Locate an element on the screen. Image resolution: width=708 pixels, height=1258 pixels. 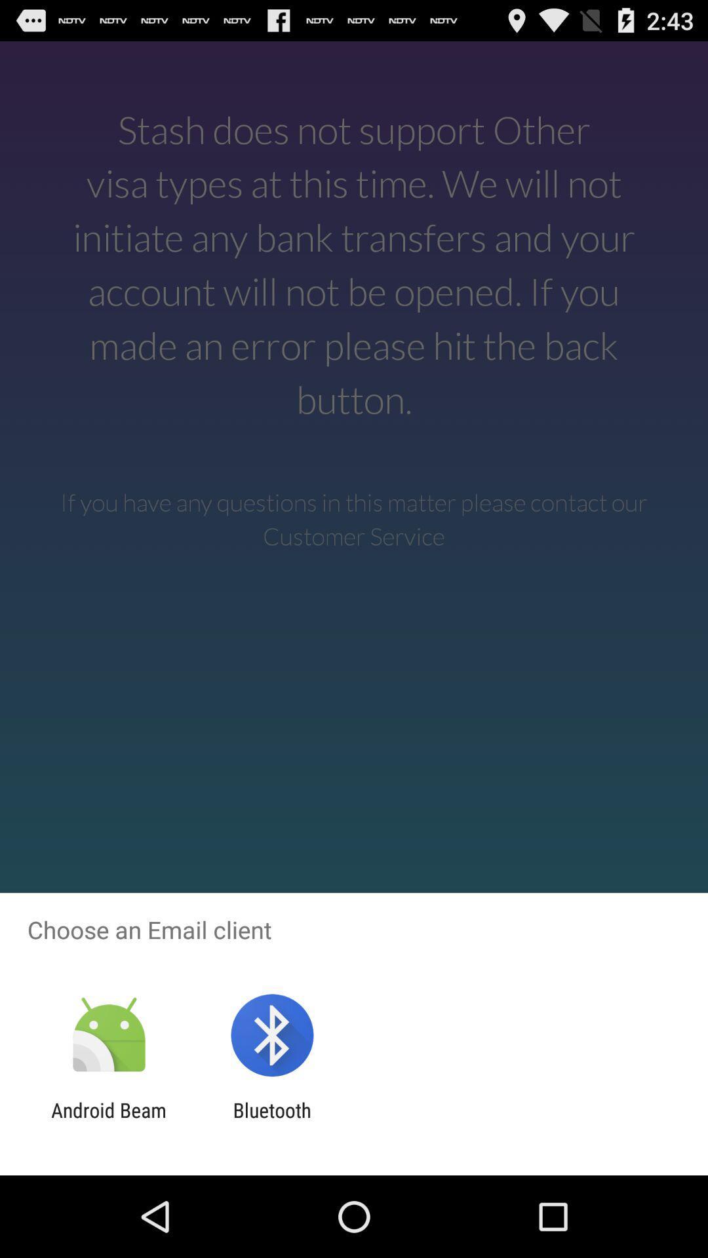
the icon to the left of bluetooth app is located at coordinates (108, 1121).